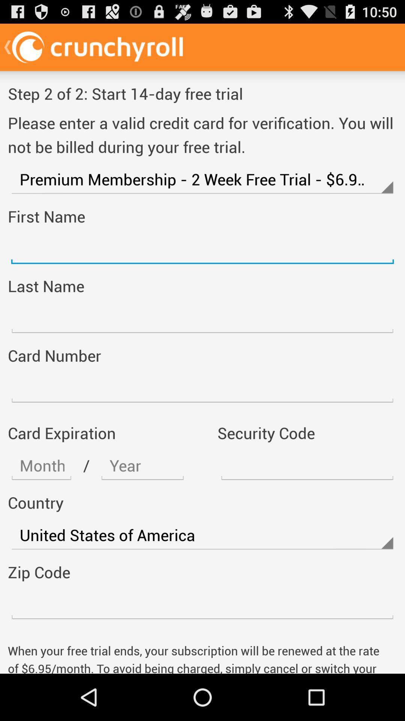 The image size is (405, 721). What do you see at coordinates (202, 605) in the screenshot?
I see `type number button` at bounding box center [202, 605].